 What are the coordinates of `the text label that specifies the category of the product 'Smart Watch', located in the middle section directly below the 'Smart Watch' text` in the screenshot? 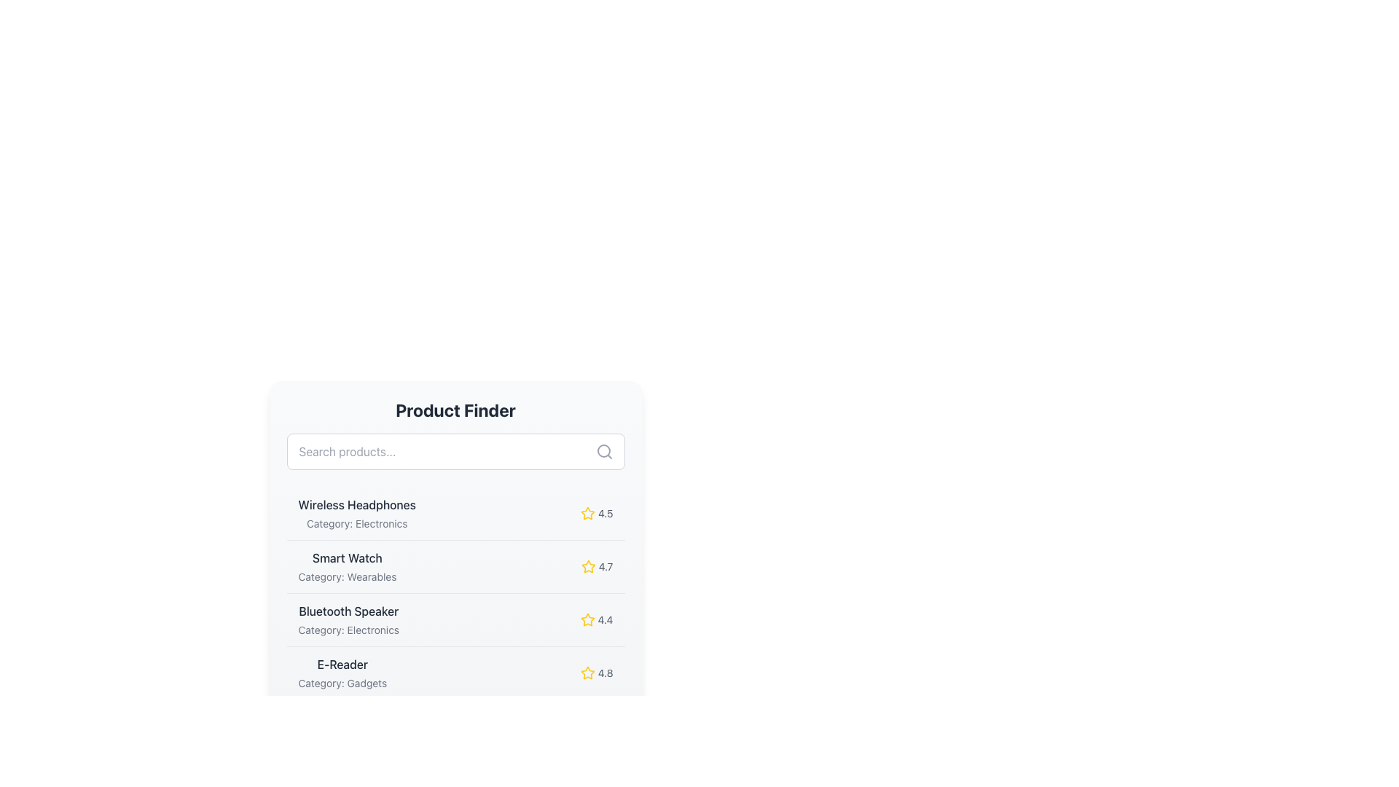 It's located at (346, 576).